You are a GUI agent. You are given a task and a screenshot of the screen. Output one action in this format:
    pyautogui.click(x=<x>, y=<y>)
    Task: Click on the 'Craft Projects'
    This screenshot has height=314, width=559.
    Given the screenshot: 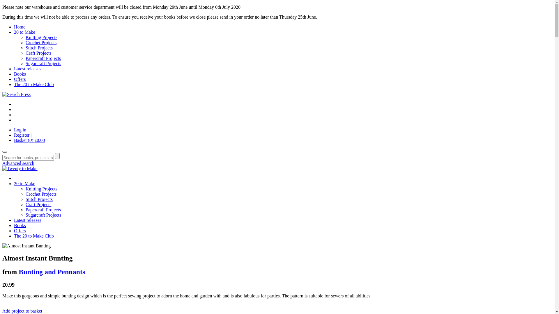 What is the action you would take?
    pyautogui.click(x=25, y=204)
    